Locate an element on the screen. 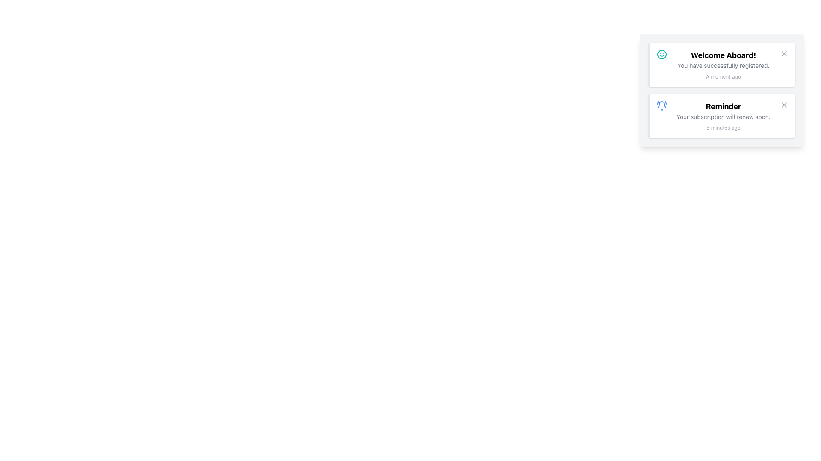  the blue bell icon with ringing lines on its sides located on the left side of the 'Reminder' notification panel is located at coordinates (662, 105).